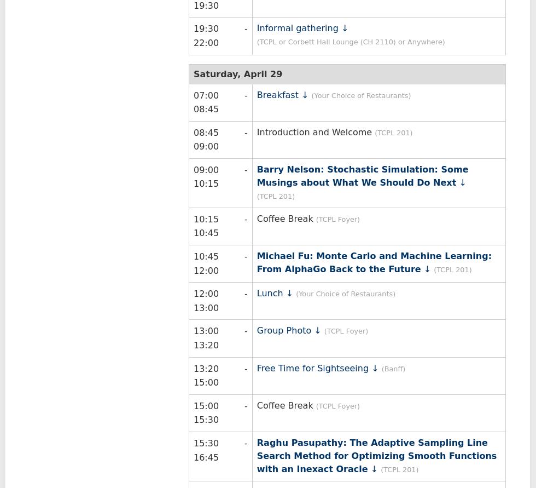 The width and height of the screenshot is (536, 488). What do you see at coordinates (257, 42) in the screenshot?
I see `'(TCPL or Corbett Hall Lounge (CH 2110) or Anywhere)'` at bounding box center [257, 42].